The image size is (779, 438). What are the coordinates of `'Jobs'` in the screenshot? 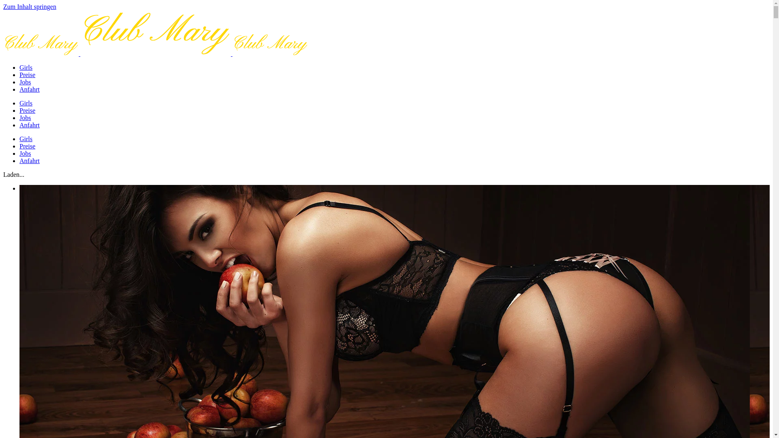 It's located at (25, 118).